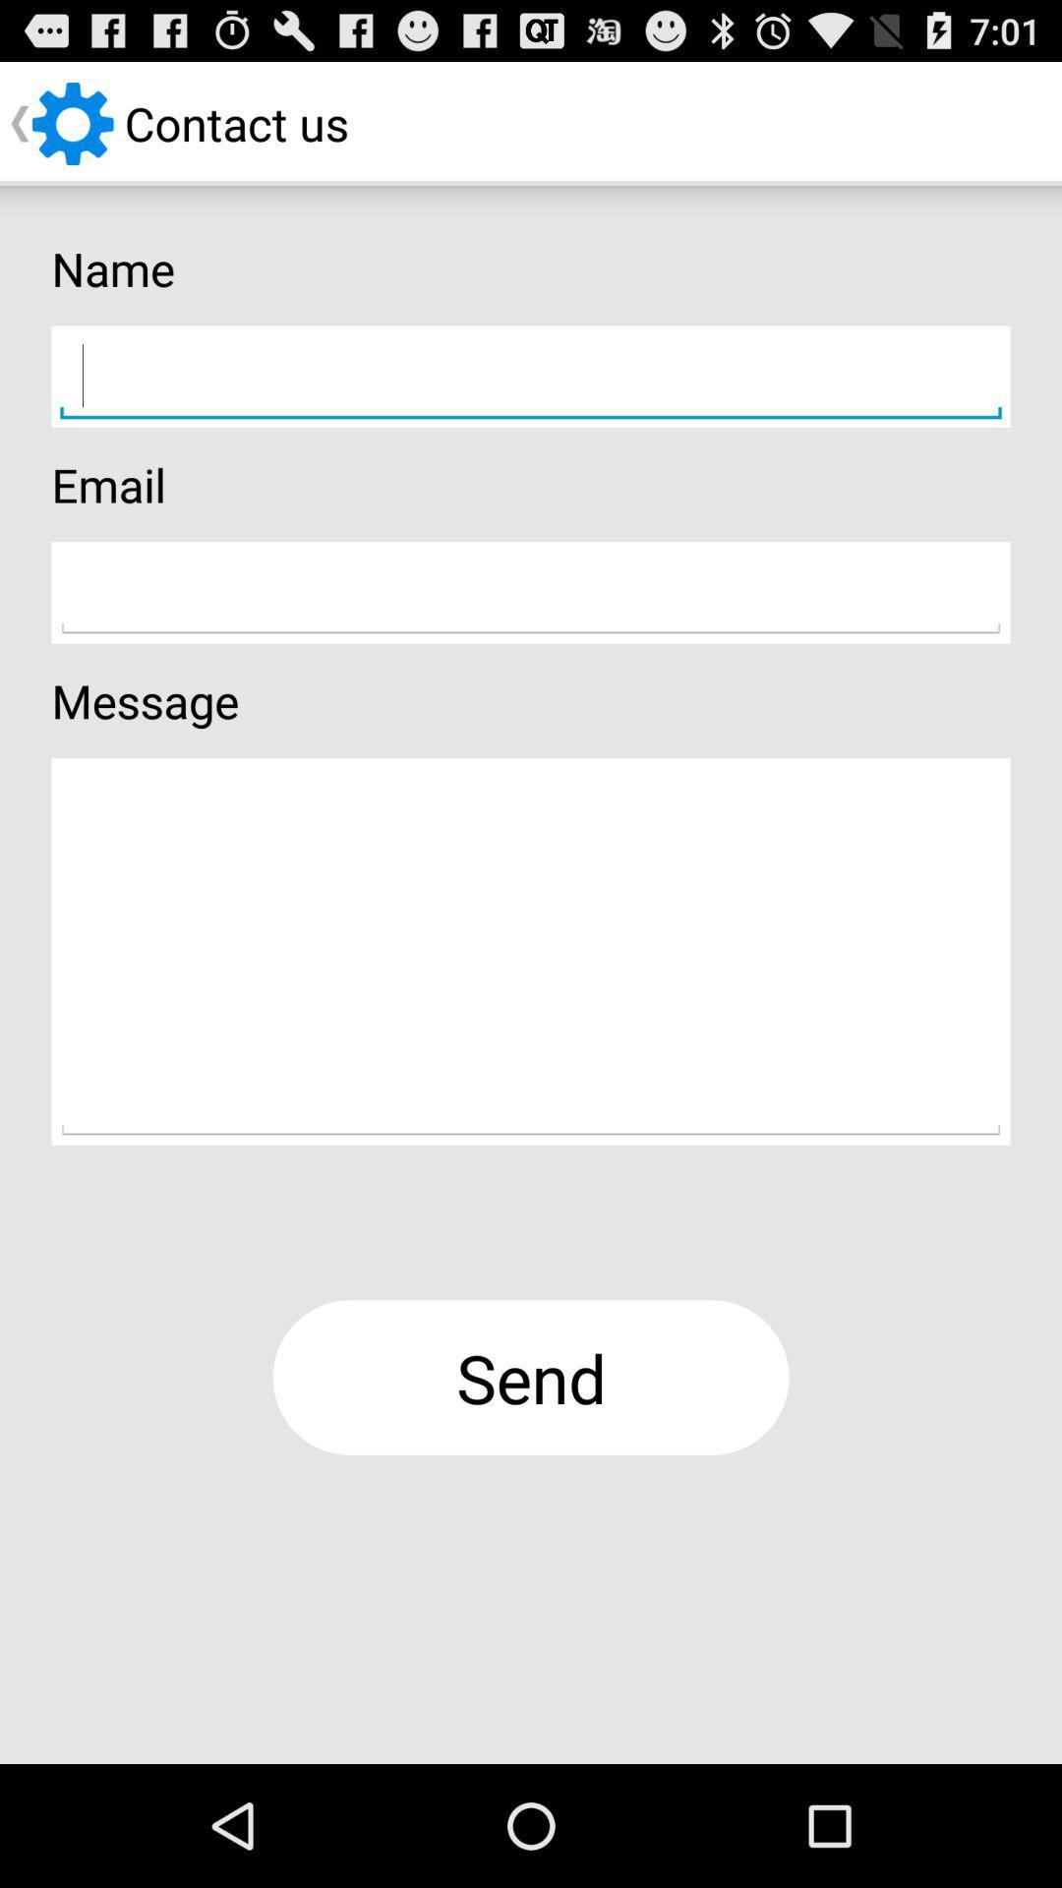 This screenshot has width=1062, height=1888. I want to click on send button, so click(531, 1377).